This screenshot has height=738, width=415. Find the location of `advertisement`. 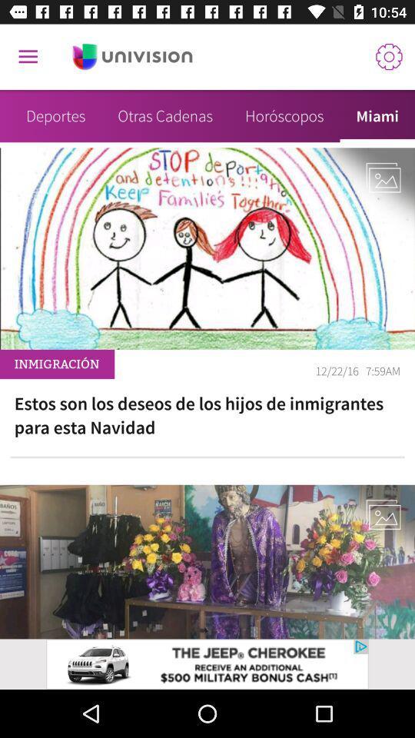

advertisement is located at coordinates (207, 663).